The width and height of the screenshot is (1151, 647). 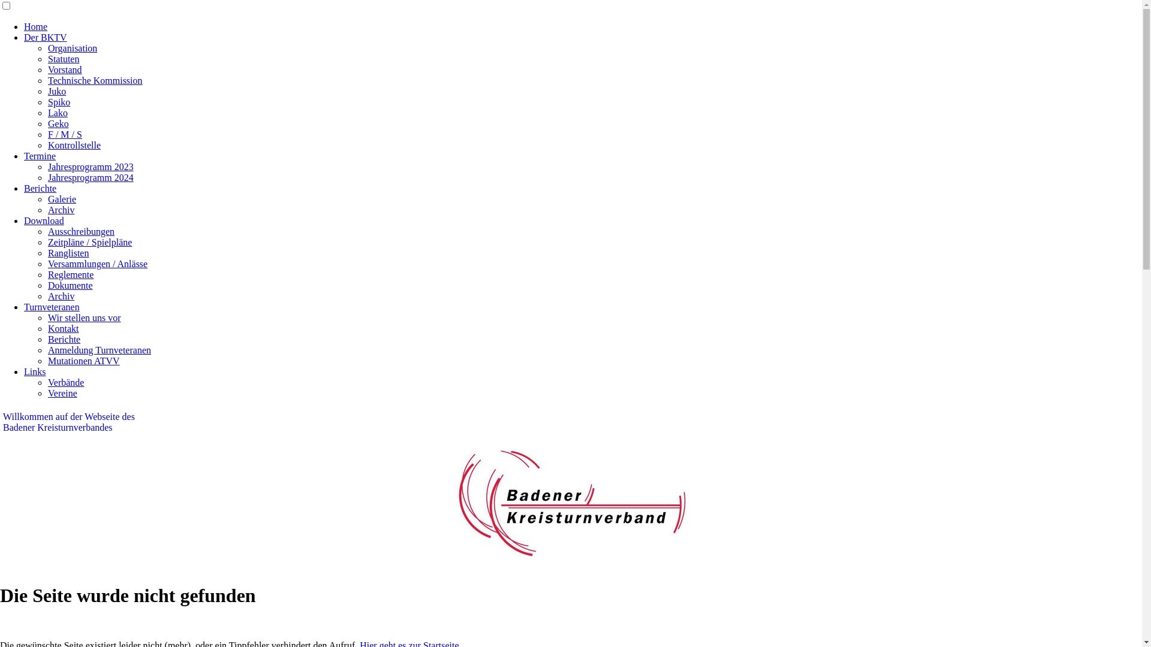 What do you see at coordinates (63, 339) in the screenshot?
I see `'Berichte'` at bounding box center [63, 339].